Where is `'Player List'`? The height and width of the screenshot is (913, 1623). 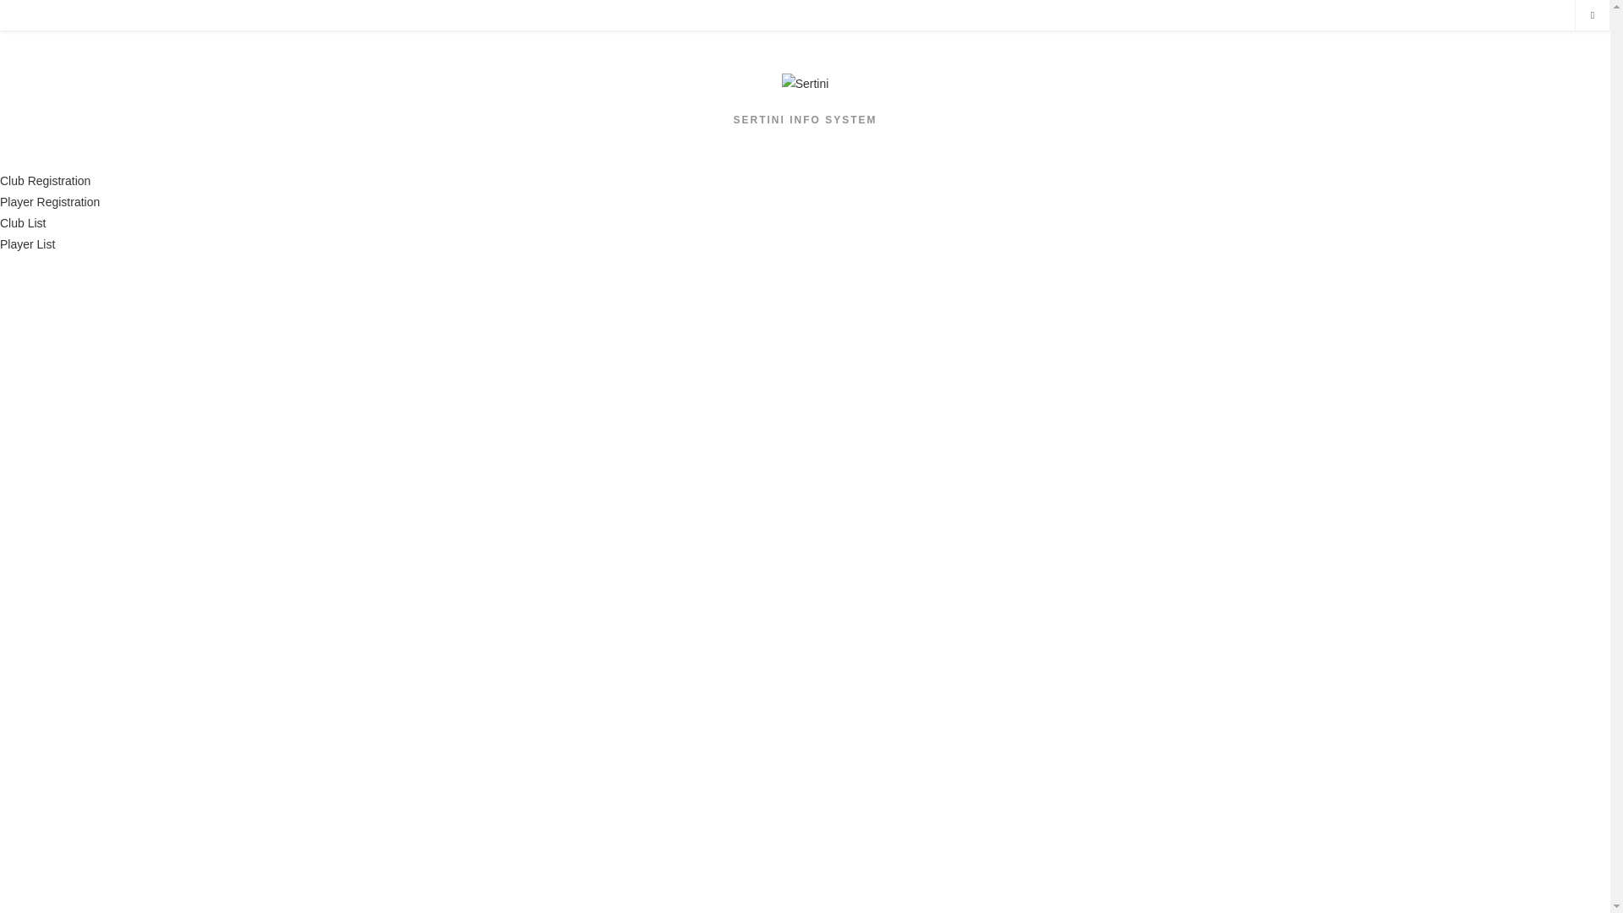
'Player List' is located at coordinates (0, 244).